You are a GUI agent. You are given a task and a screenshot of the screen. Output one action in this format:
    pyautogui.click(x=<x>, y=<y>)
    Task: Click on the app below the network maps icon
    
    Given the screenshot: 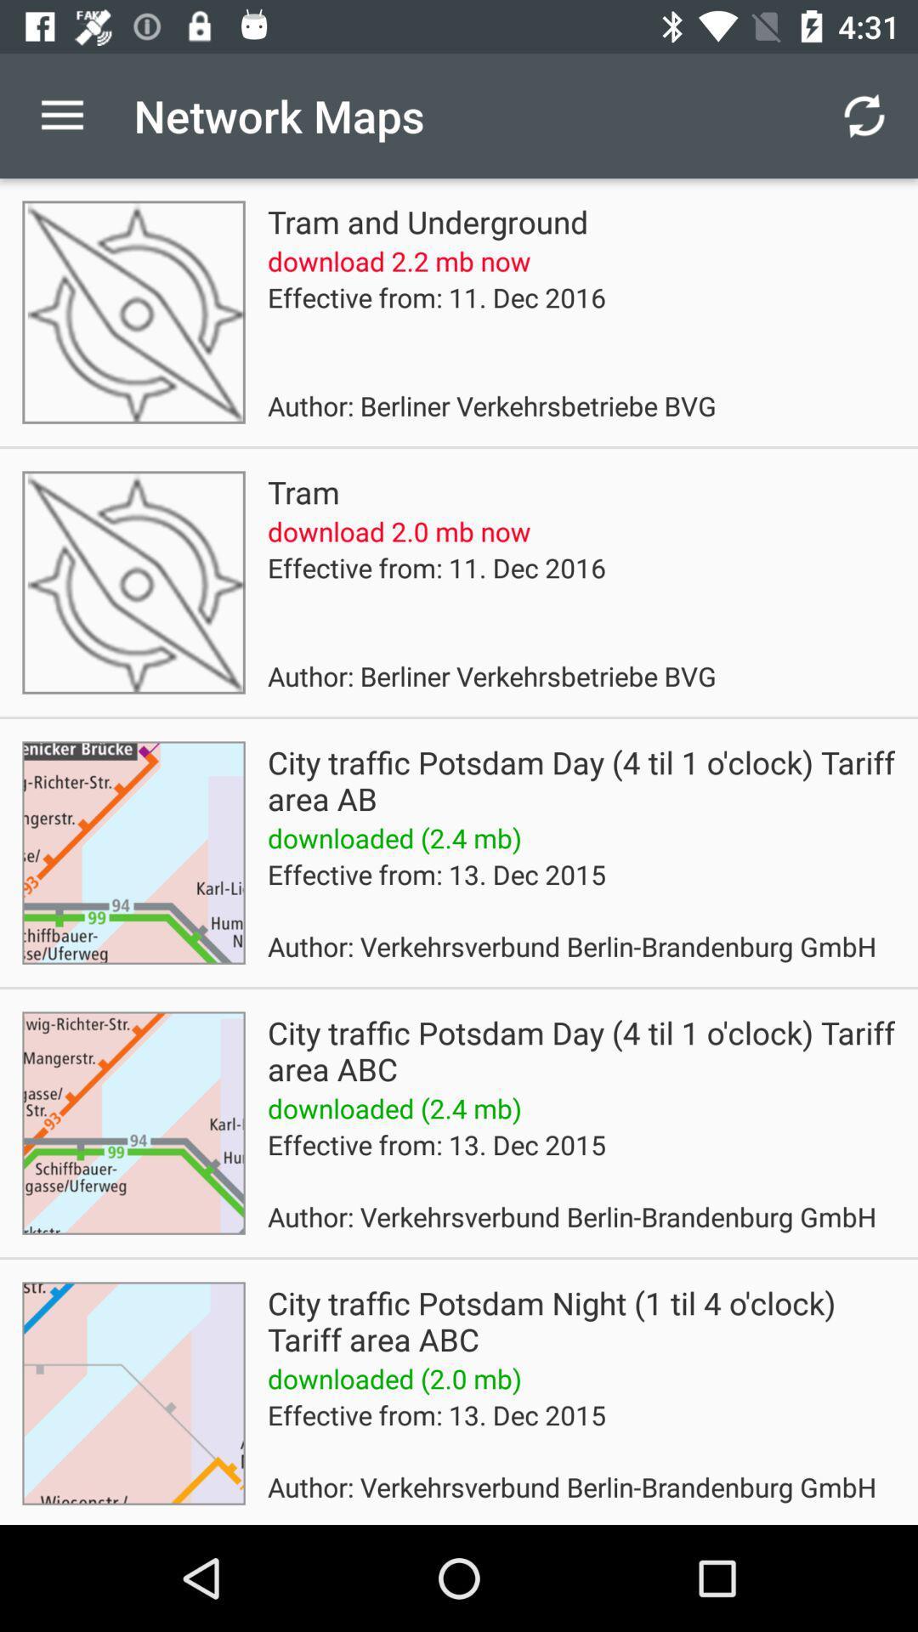 What is the action you would take?
    pyautogui.click(x=427, y=220)
    